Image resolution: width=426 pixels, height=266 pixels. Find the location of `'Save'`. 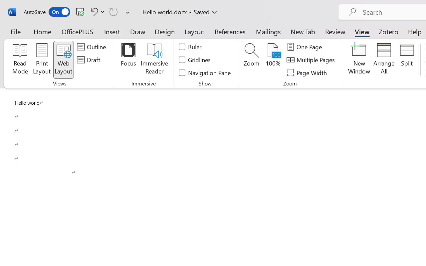

'Save' is located at coordinates (80, 11).